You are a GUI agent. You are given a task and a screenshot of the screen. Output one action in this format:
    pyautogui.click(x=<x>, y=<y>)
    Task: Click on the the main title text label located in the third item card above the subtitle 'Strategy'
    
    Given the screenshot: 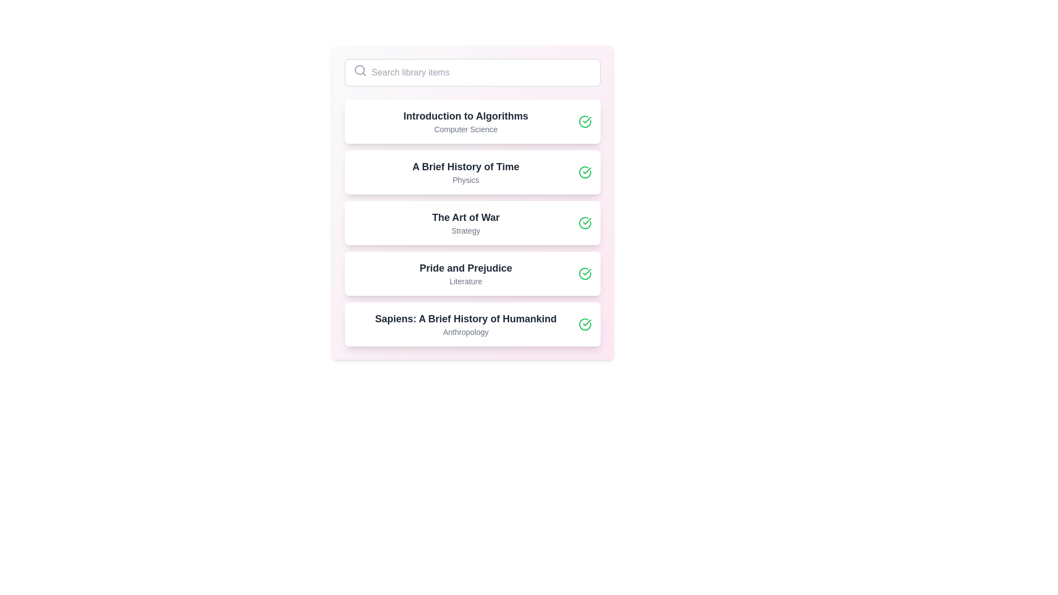 What is the action you would take?
    pyautogui.click(x=466, y=217)
    